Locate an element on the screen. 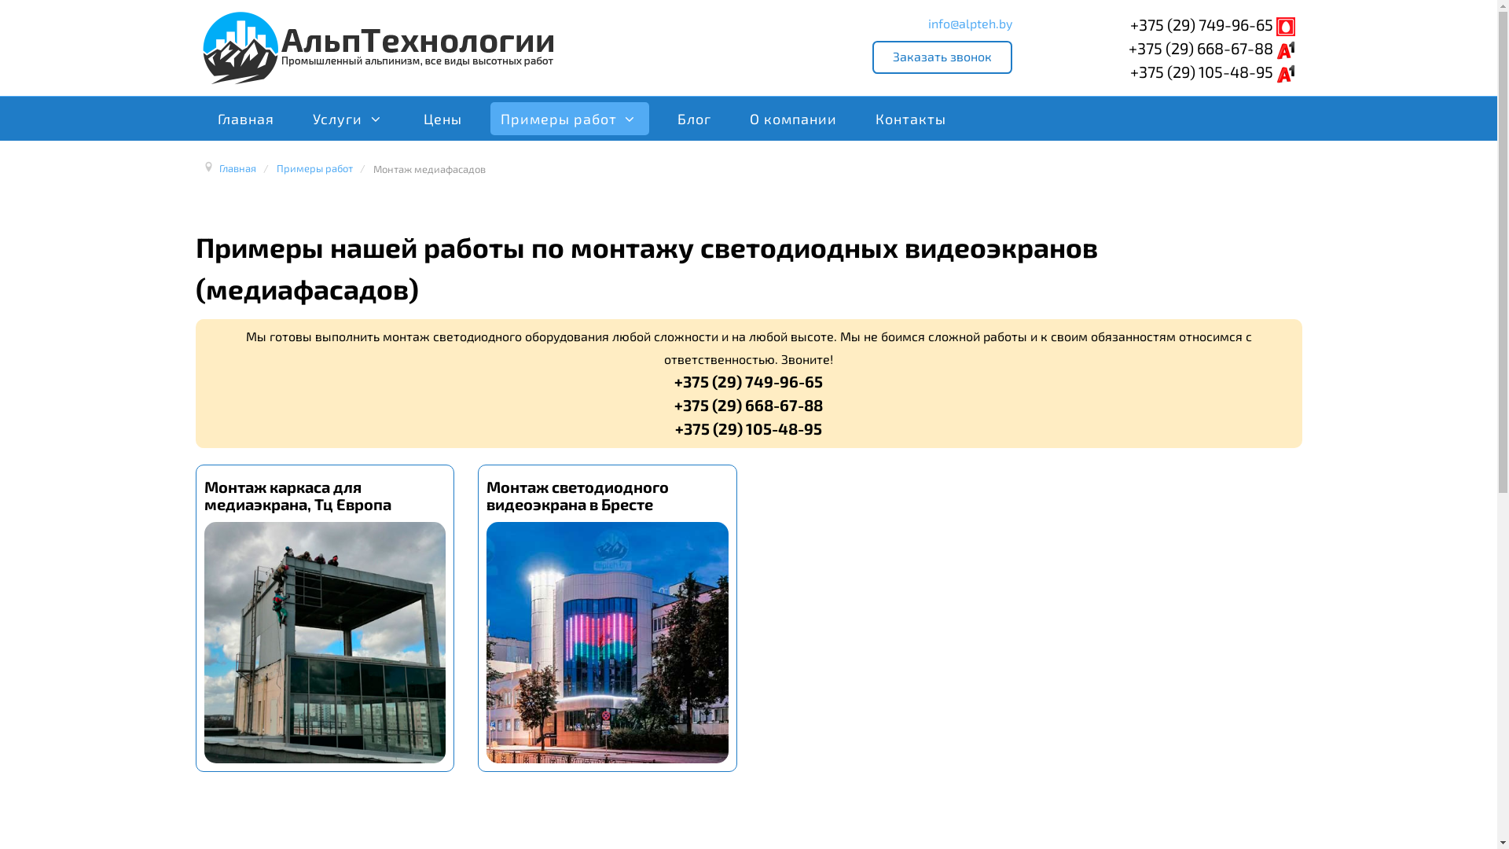  '+375 (29) 749-96-65' is located at coordinates (1211, 24).